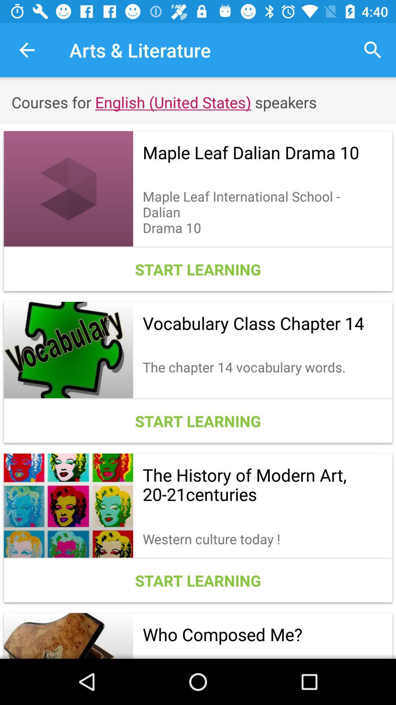 The image size is (396, 705). Describe the element at coordinates (373, 50) in the screenshot. I see `the item at the top right corner` at that location.